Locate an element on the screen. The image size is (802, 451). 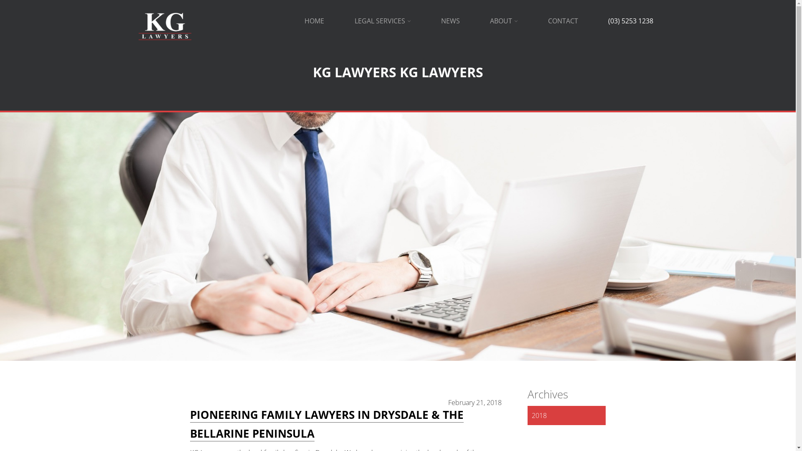
'ABOUT' is located at coordinates (503, 20).